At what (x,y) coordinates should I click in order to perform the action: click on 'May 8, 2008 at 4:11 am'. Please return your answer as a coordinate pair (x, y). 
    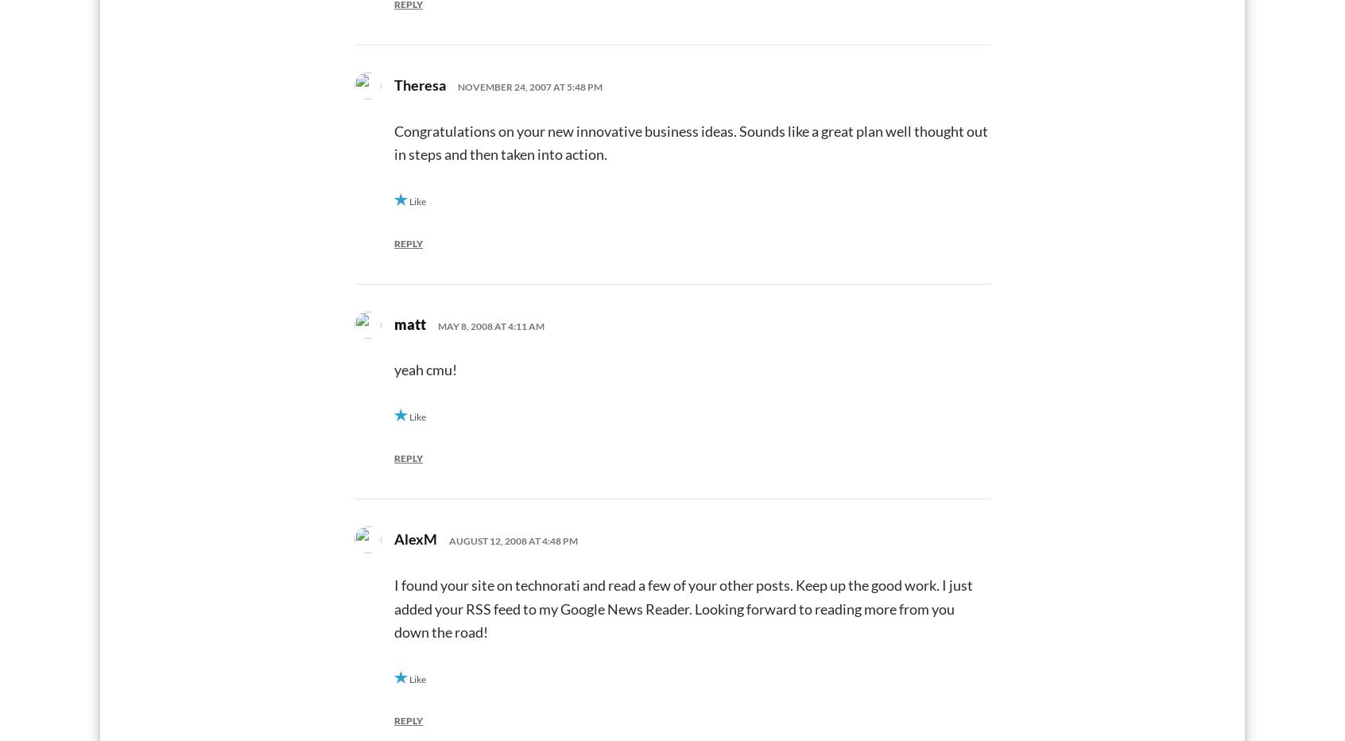
    Looking at the image, I should click on (438, 325).